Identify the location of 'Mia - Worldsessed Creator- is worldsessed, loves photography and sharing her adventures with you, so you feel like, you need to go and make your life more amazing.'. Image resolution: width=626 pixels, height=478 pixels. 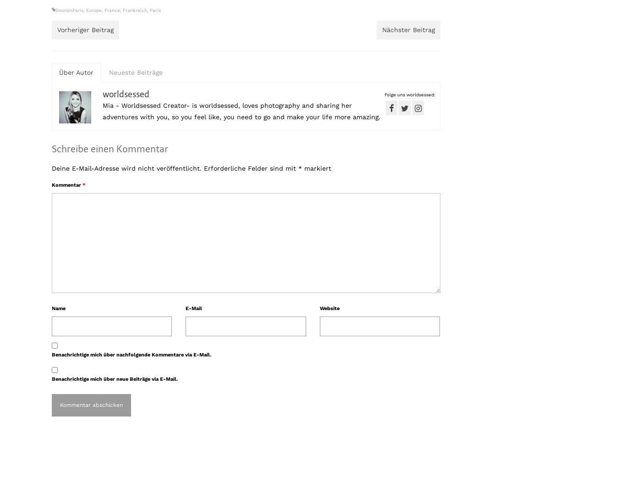
(102, 111).